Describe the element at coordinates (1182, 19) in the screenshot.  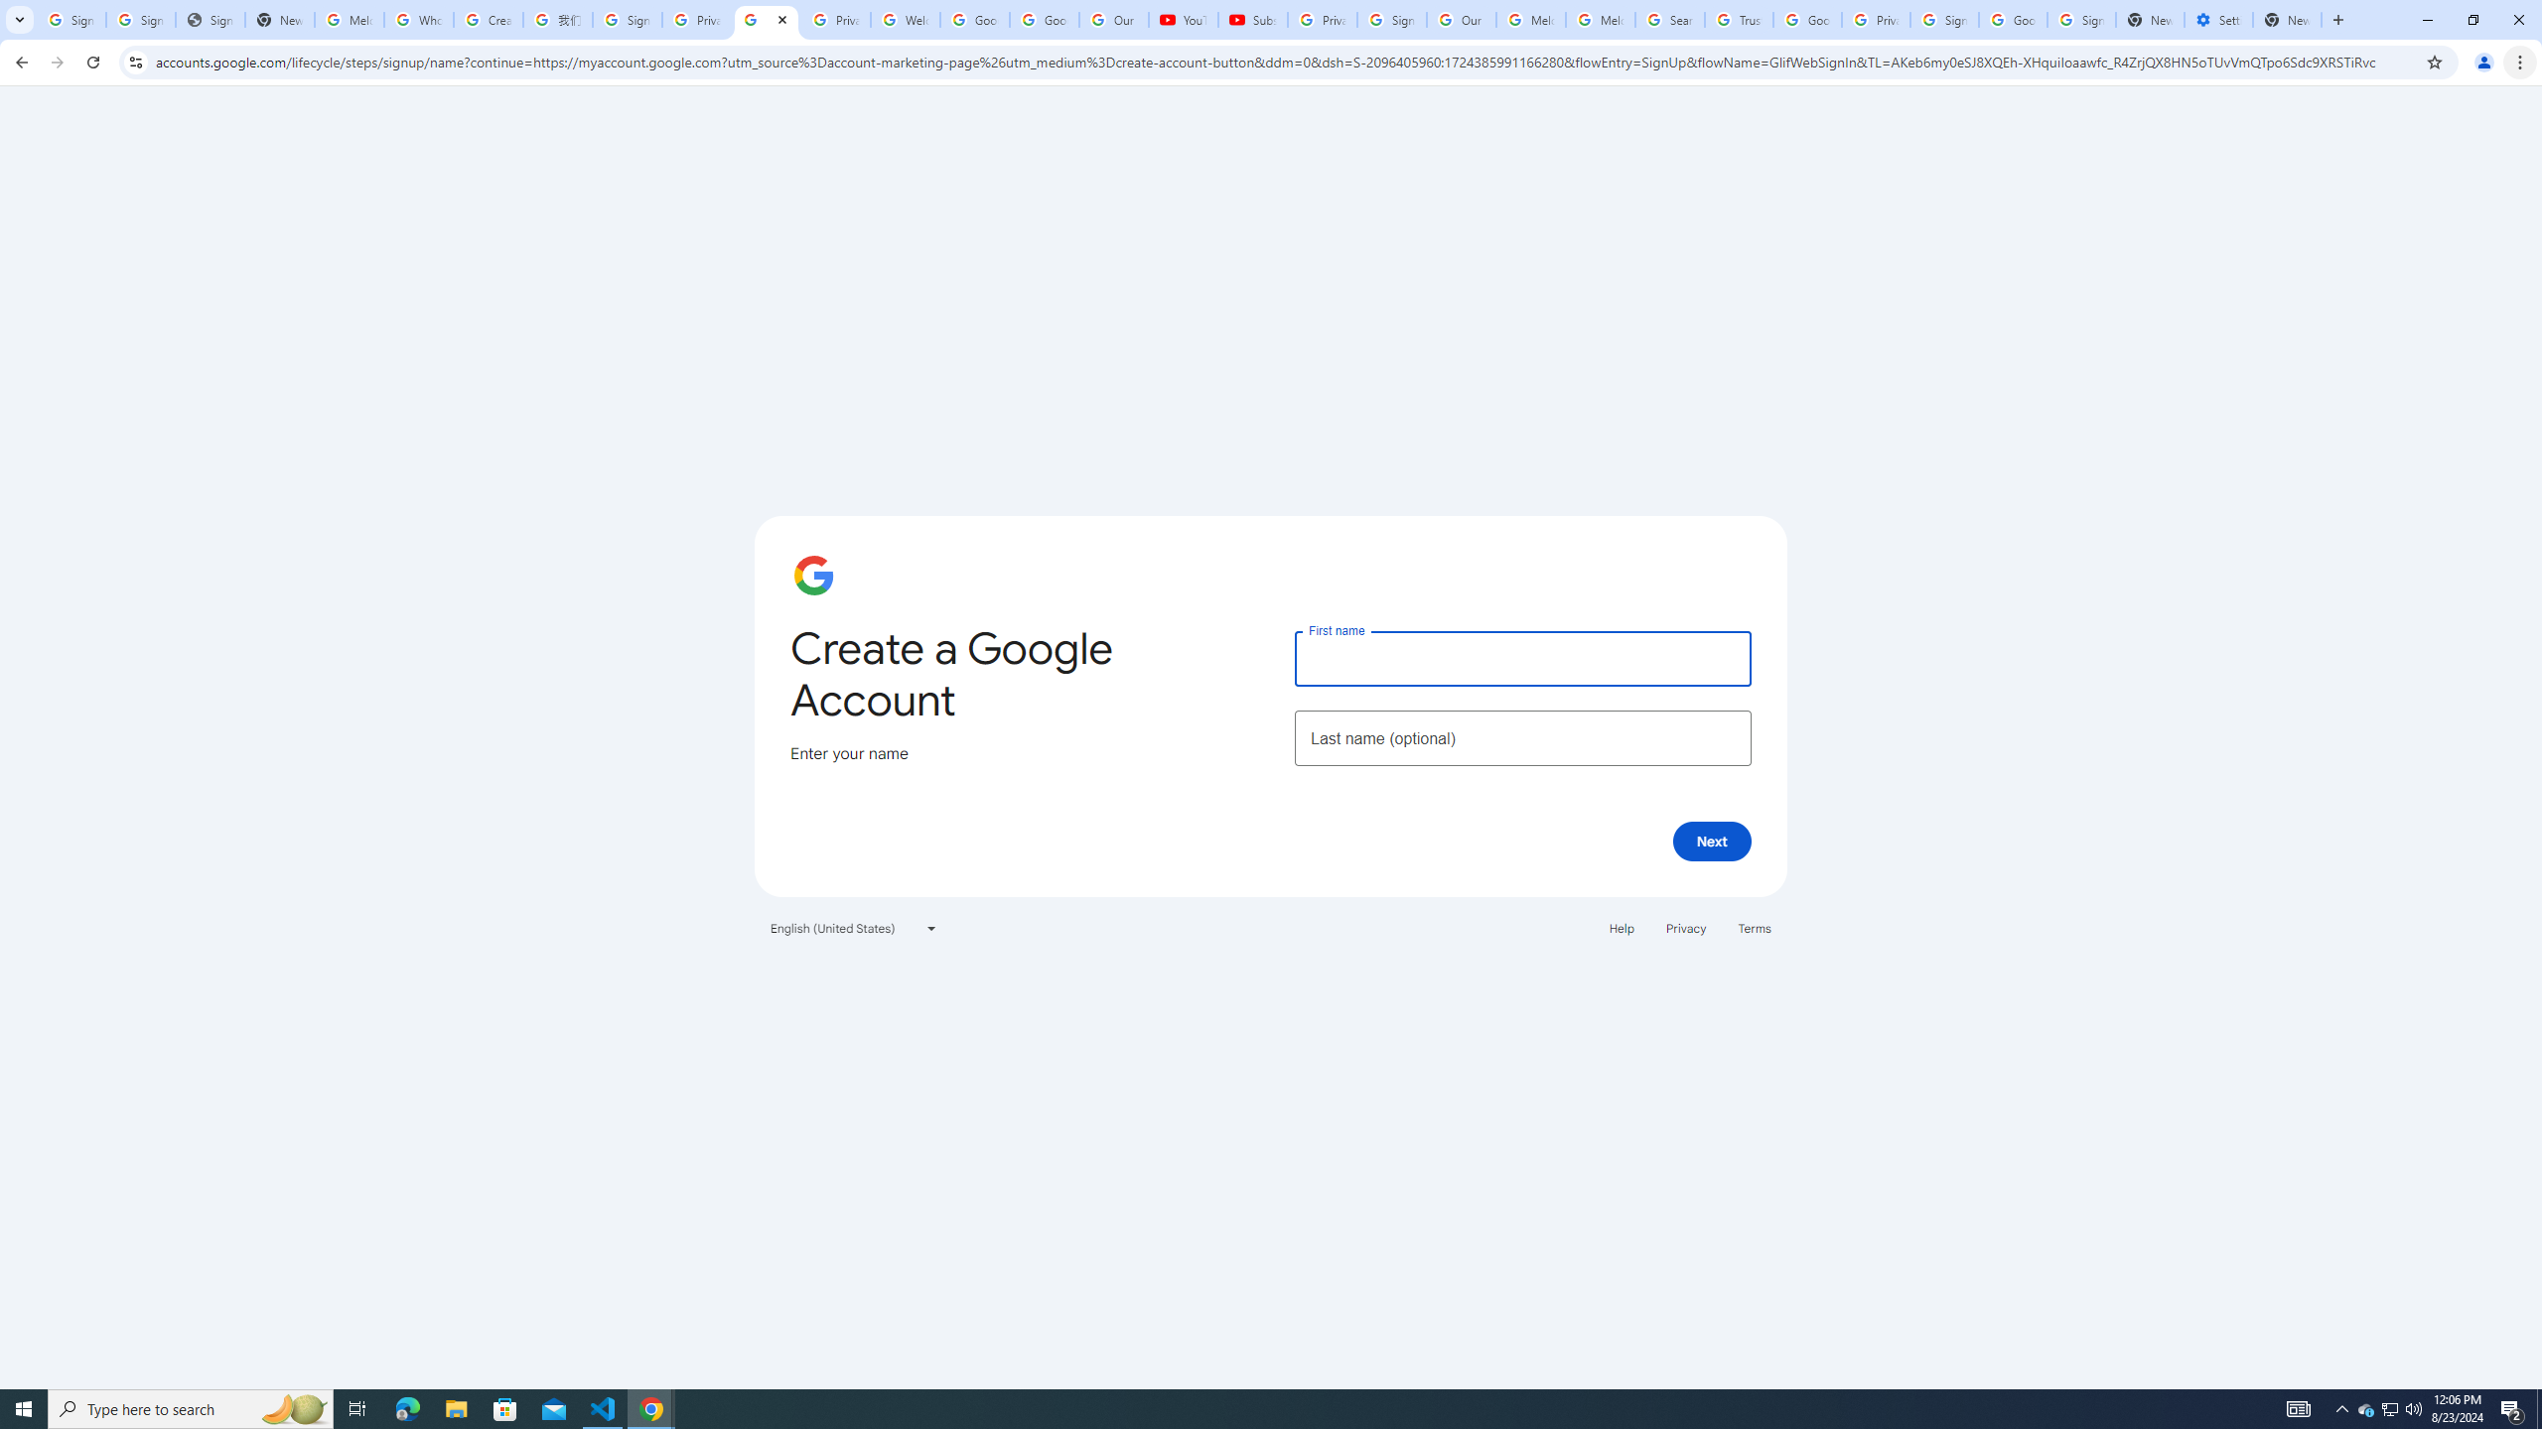
I see `'YouTube'` at that location.